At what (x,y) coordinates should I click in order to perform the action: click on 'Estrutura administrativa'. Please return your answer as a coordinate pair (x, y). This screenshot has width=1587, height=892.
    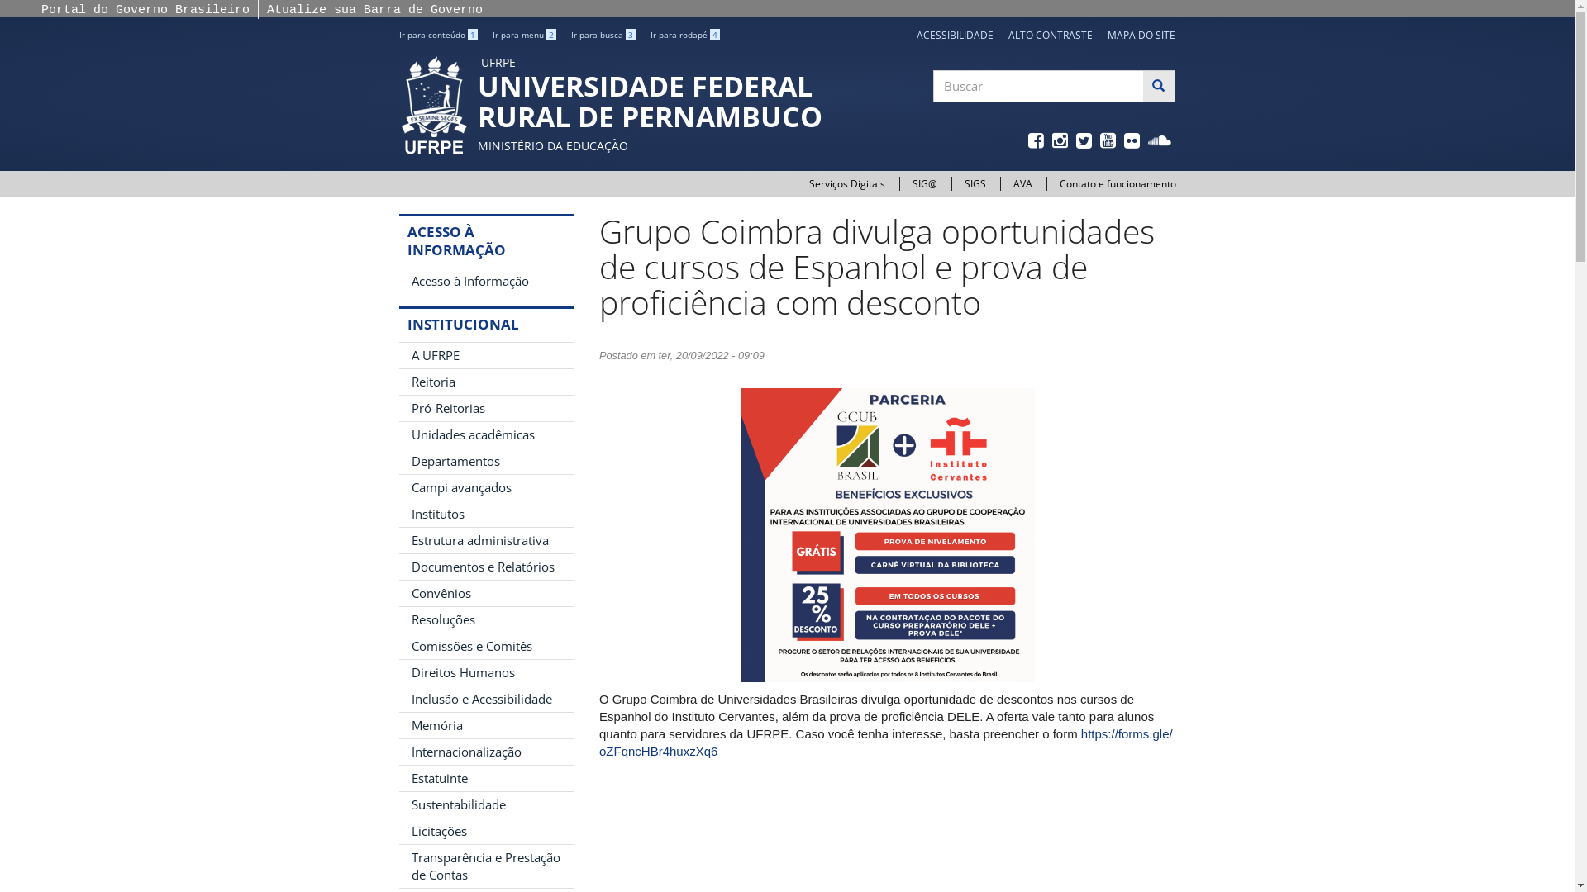
    Looking at the image, I should click on (485, 540).